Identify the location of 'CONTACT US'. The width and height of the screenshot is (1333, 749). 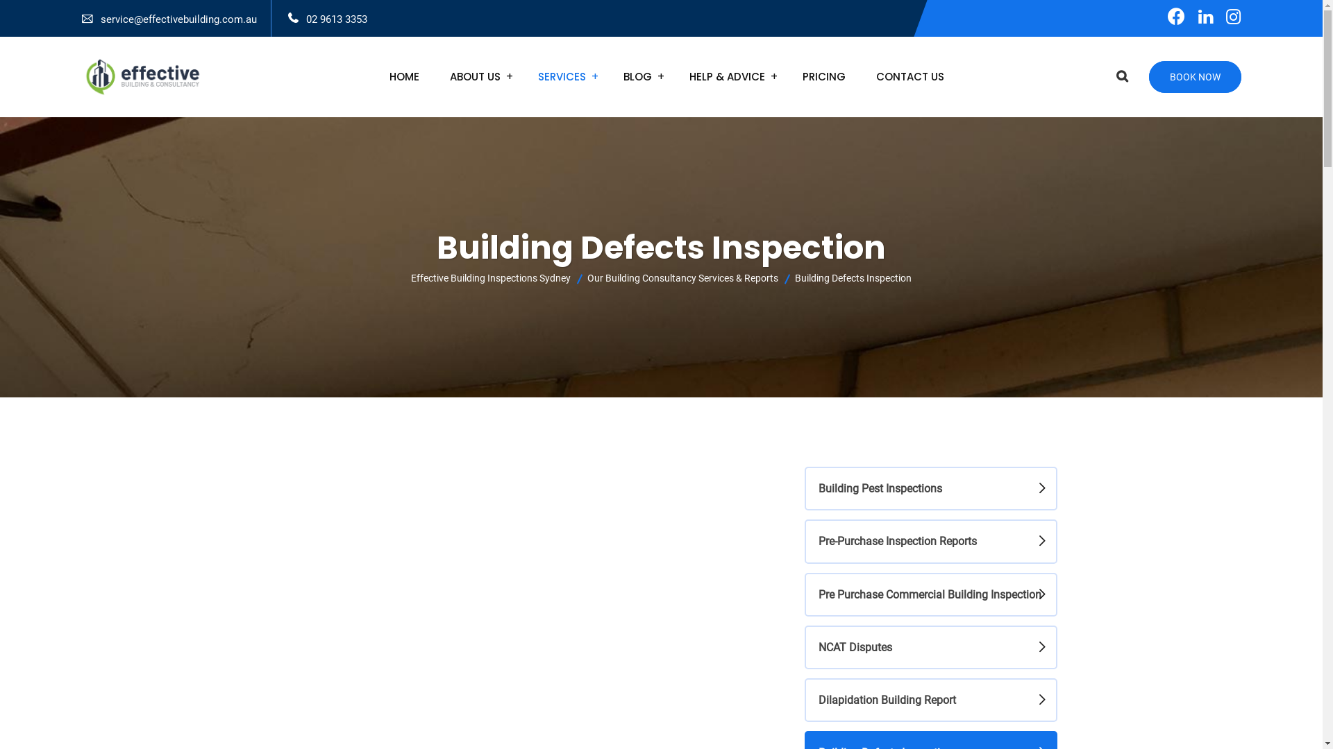
(862, 77).